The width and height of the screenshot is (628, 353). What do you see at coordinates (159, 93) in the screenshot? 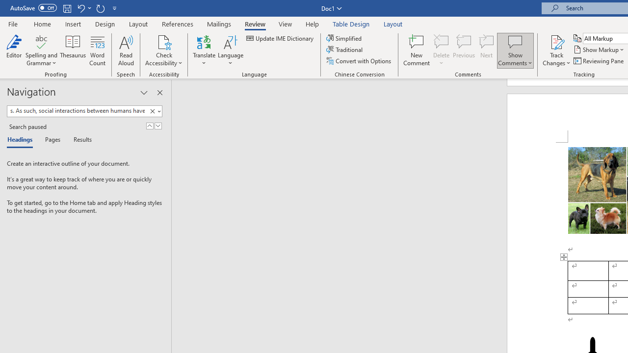
I see `'Close pane'` at bounding box center [159, 93].